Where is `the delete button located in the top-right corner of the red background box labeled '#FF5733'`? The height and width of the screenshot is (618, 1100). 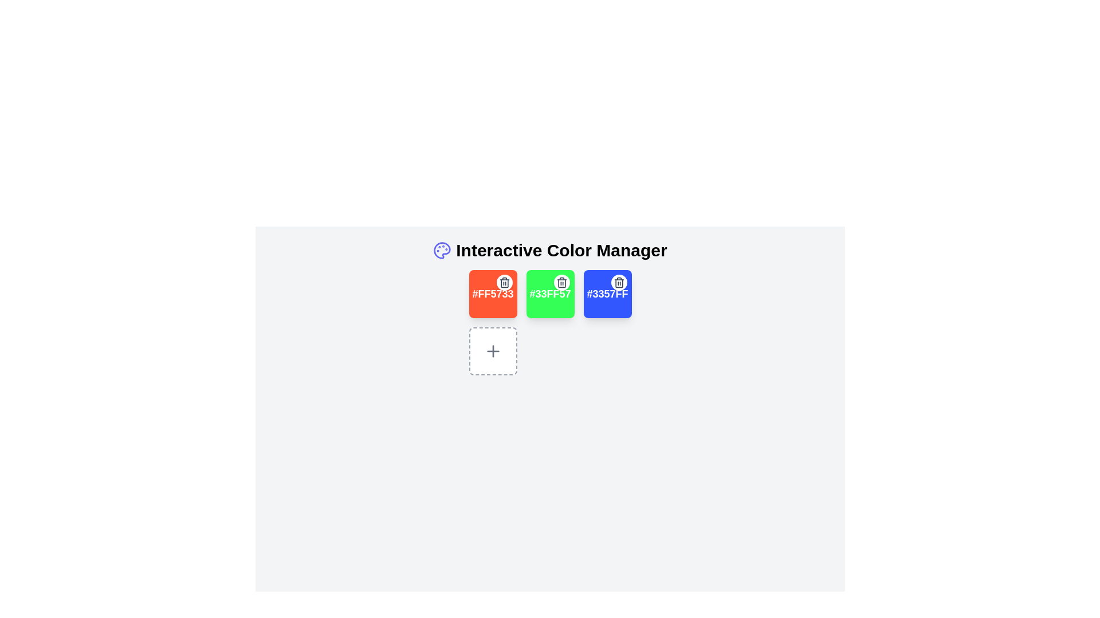
the delete button located in the top-right corner of the red background box labeled '#FF5733' is located at coordinates (504, 282).